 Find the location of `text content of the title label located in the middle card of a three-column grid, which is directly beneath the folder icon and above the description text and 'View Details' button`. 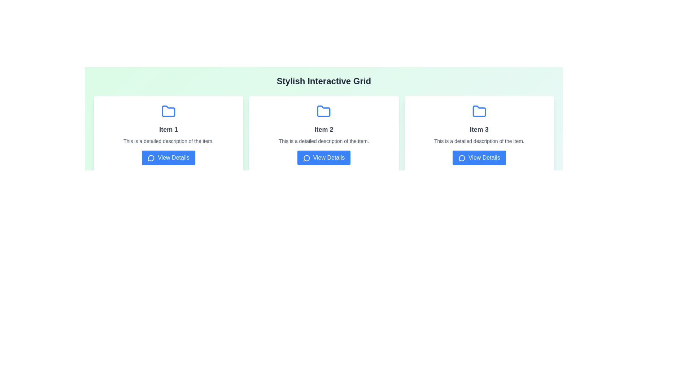

text content of the title label located in the middle card of a three-column grid, which is directly beneath the folder icon and above the description text and 'View Details' button is located at coordinates (323, 129).